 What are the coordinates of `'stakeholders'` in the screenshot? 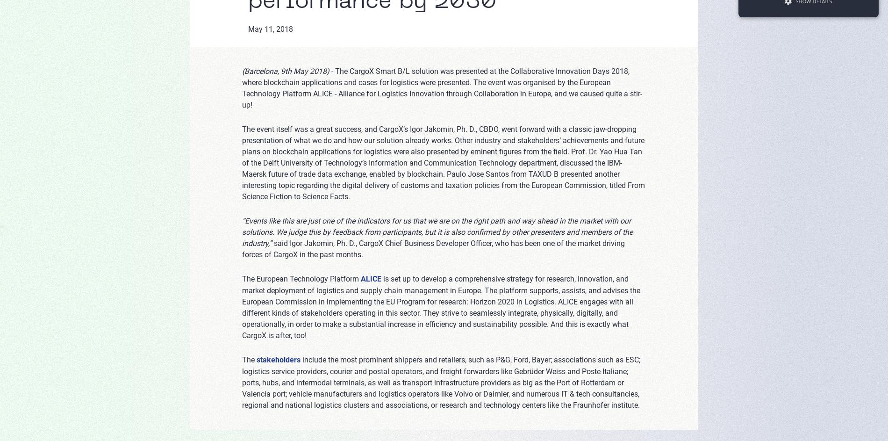 It's located at (279, 359).